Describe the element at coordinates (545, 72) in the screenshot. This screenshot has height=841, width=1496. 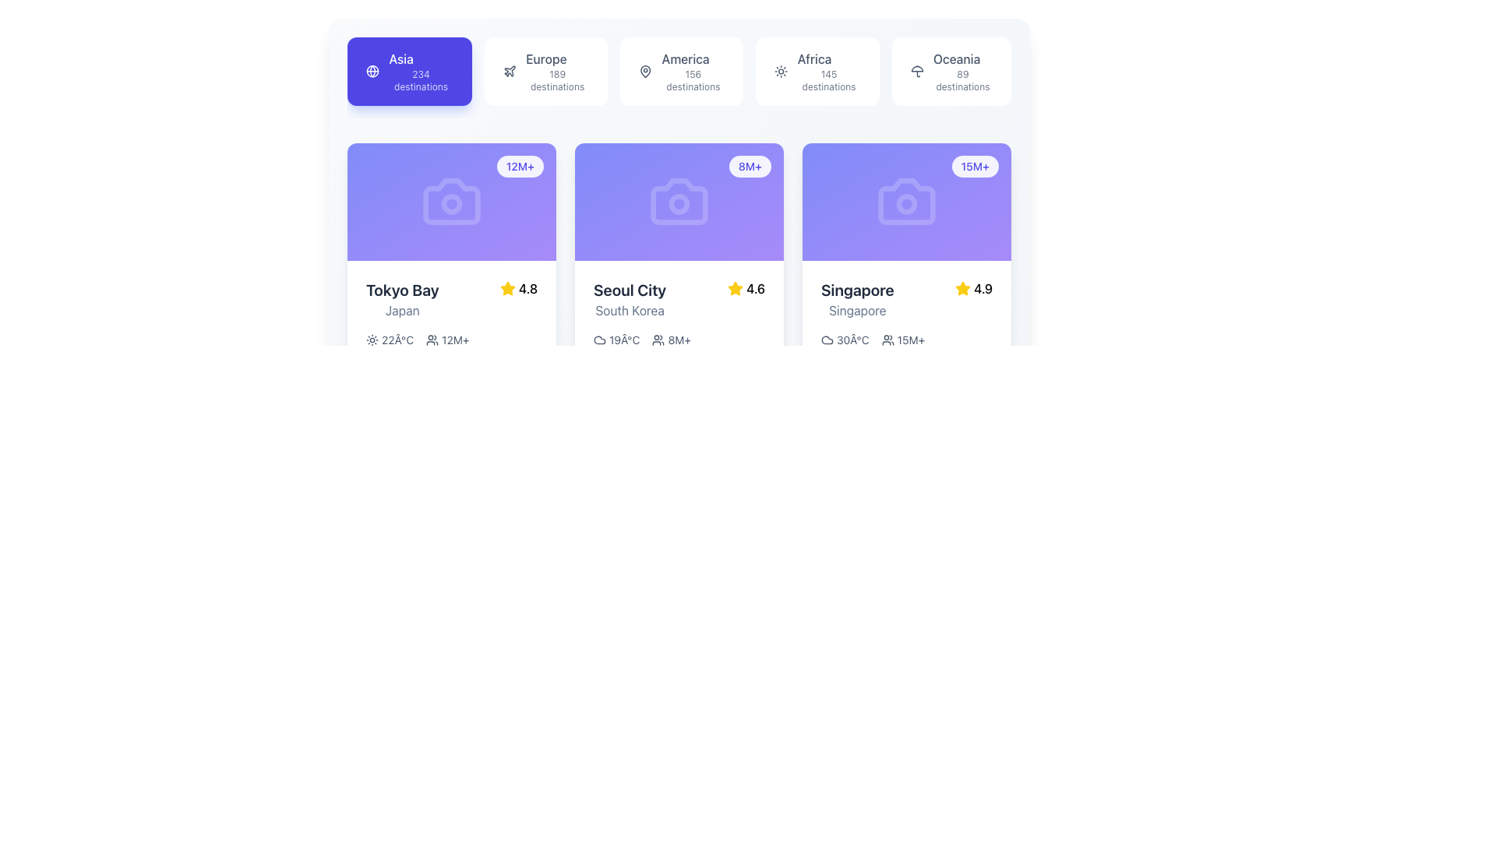
I see `the 'Europe' button` at that location.